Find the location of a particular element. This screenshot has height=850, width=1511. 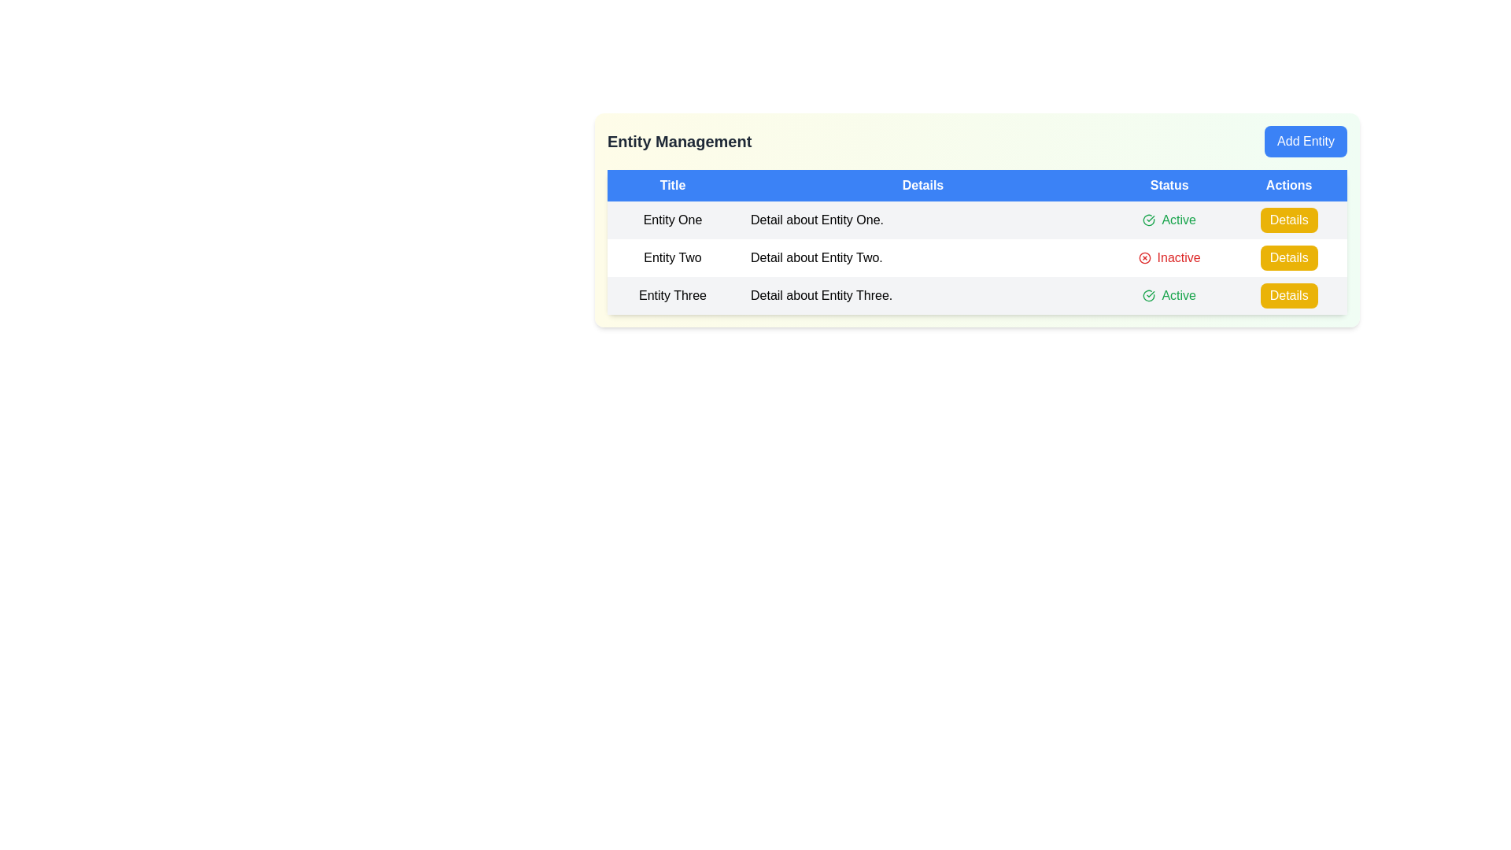

the 'Details' button with a yellow background and white text located in the last column of the first row under the 'Actions' header is located at coordinates (1289, 220).